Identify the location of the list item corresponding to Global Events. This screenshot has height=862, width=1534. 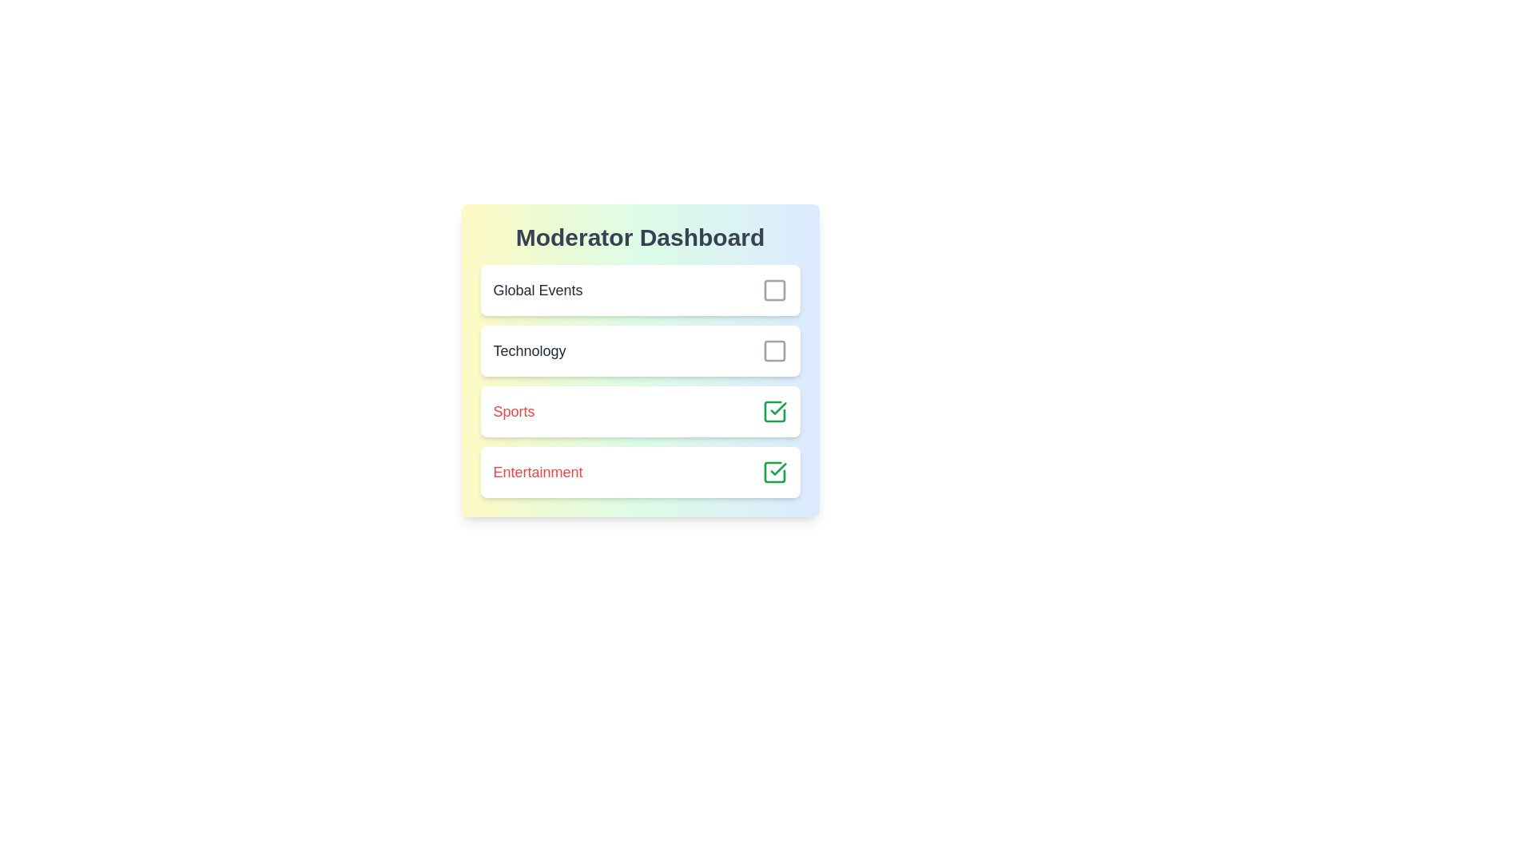
(640, 290).